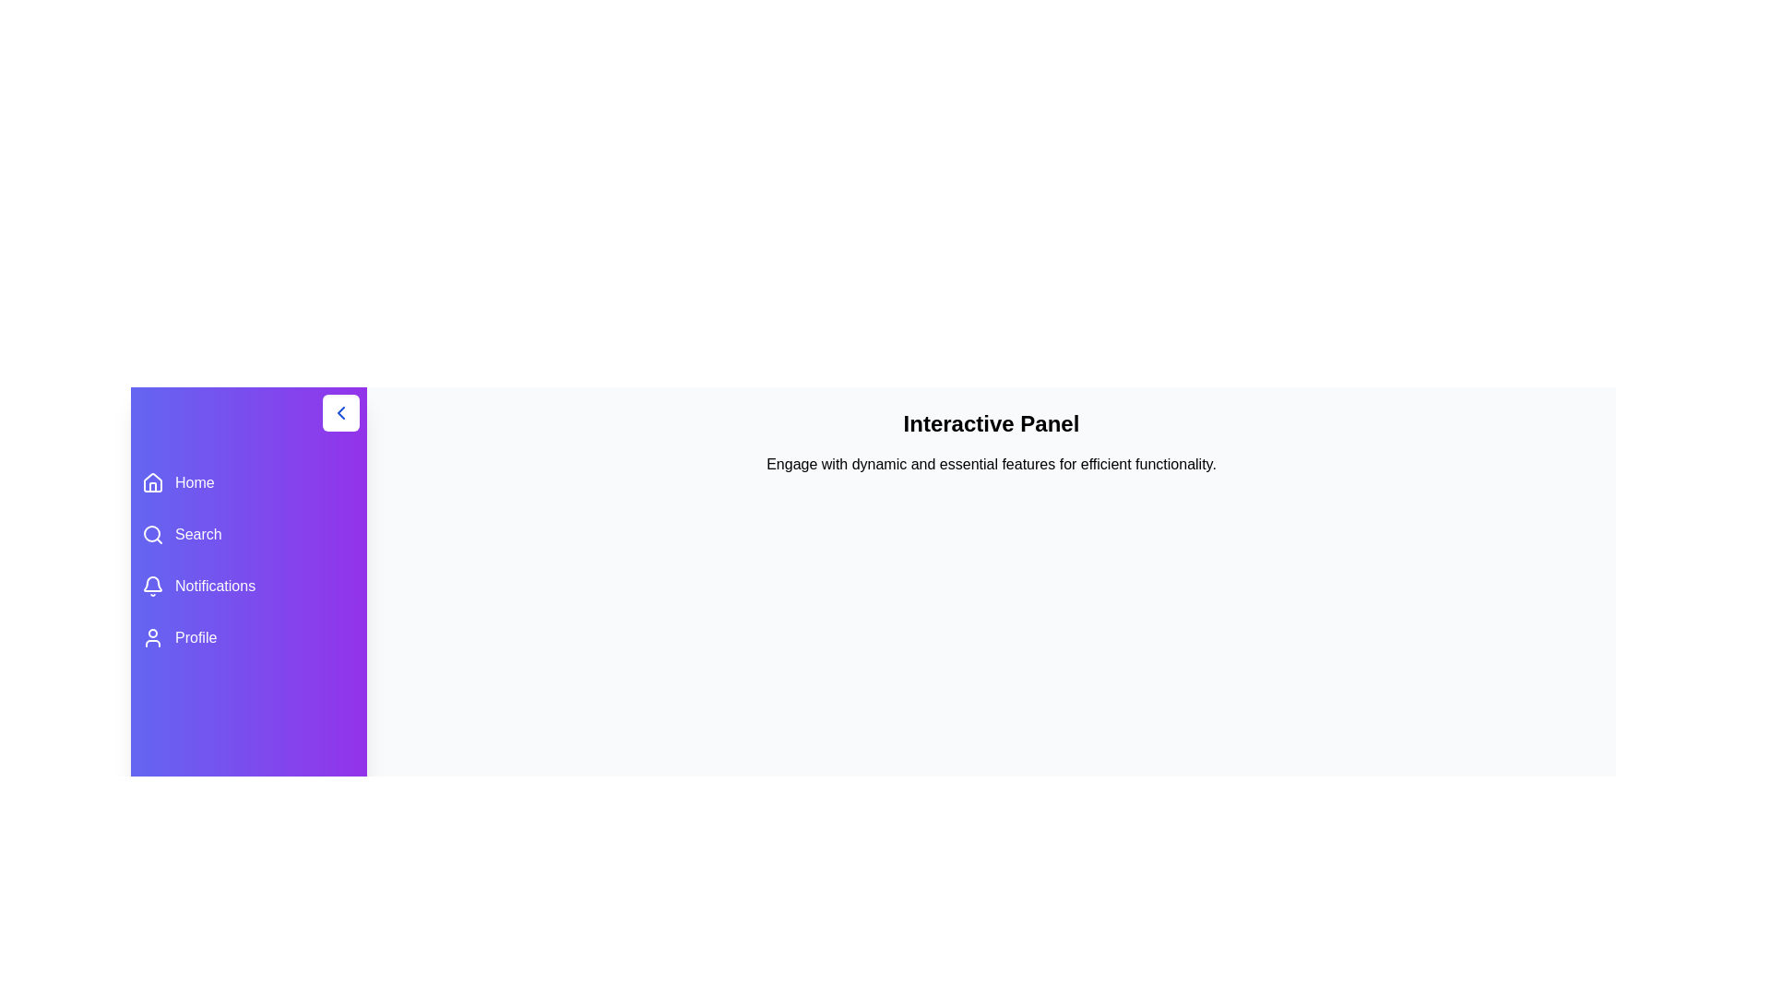  Describe the element at coordinates (247, 534) in the screenshot. I see `the menu item labeled Search` at that location.